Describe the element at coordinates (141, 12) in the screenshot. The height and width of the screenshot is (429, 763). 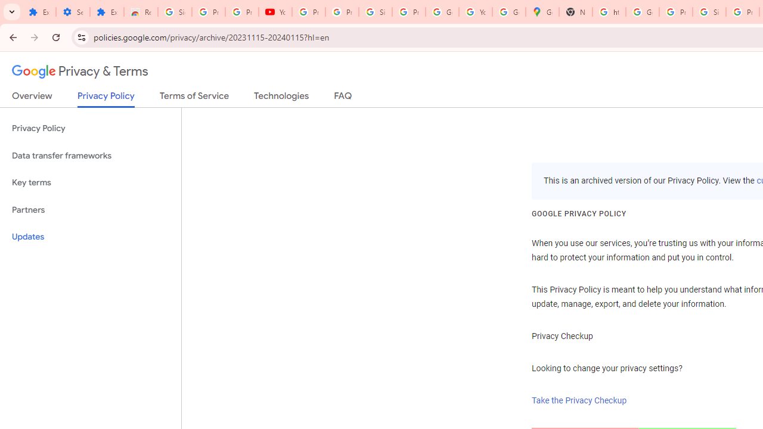
I see `'Reviews: Helix Fruit Jump Arcade Game'` at that location.